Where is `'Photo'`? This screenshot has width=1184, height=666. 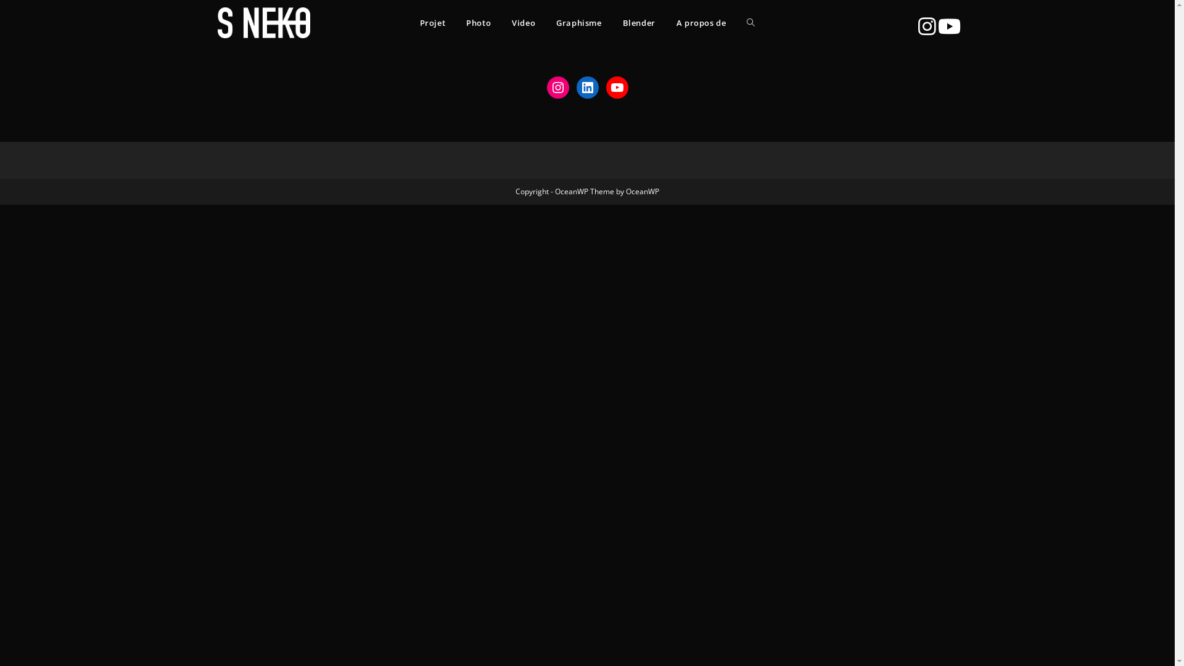
'Photo' is located at coordinates (478, 23).